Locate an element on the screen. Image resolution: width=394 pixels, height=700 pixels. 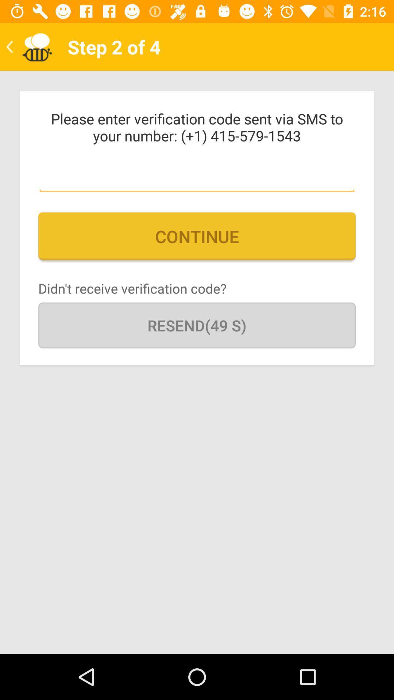
the continue is located at coordinates (197, 236).